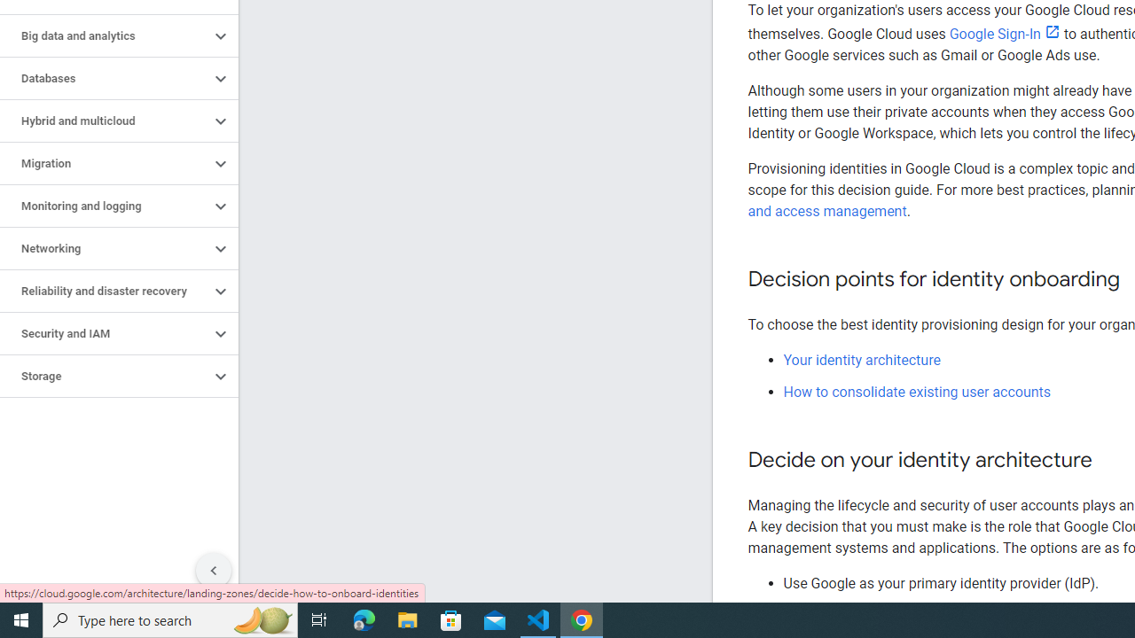 This screenshot has width=1135, height=638. What do you see at coordinates (104, 121) in the screenshot?
I see `'Hybrid and multicloud'` at bounding box center [104, 121].